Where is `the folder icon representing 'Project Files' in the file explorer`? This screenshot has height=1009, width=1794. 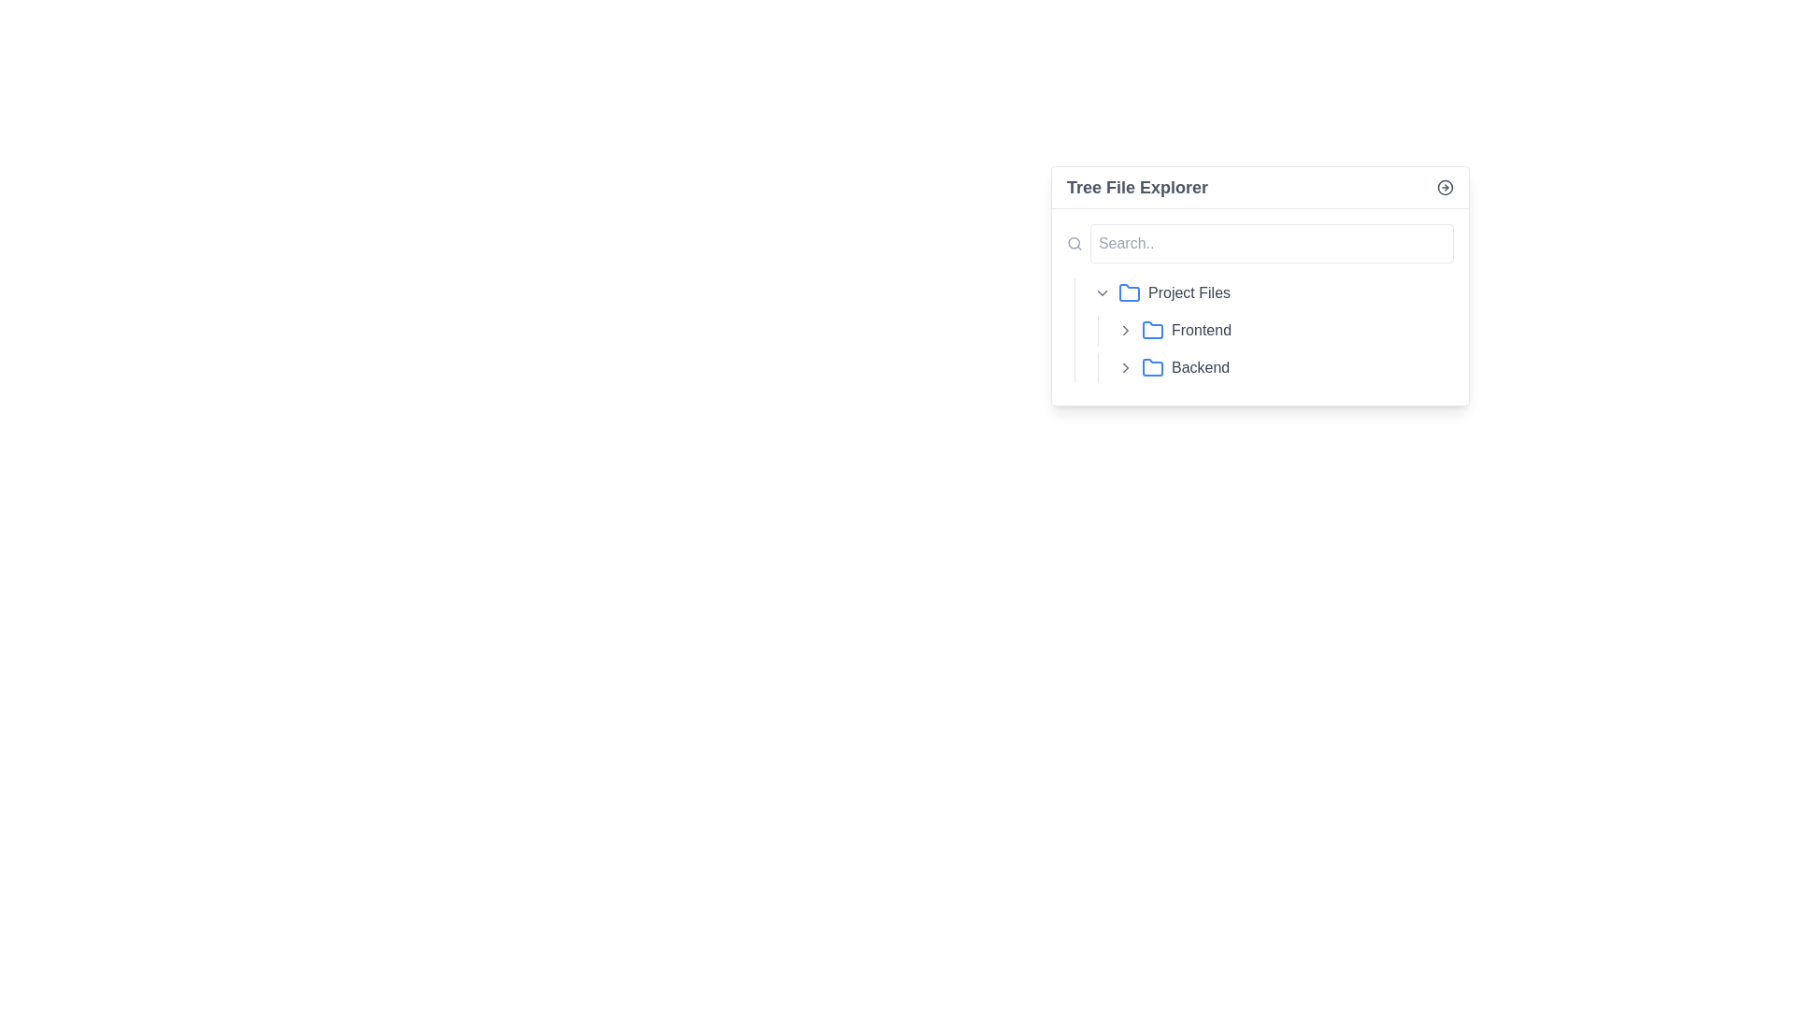
the folder icon representing 'Project Files' in the file explorer is located at coordinates (1129, 292).